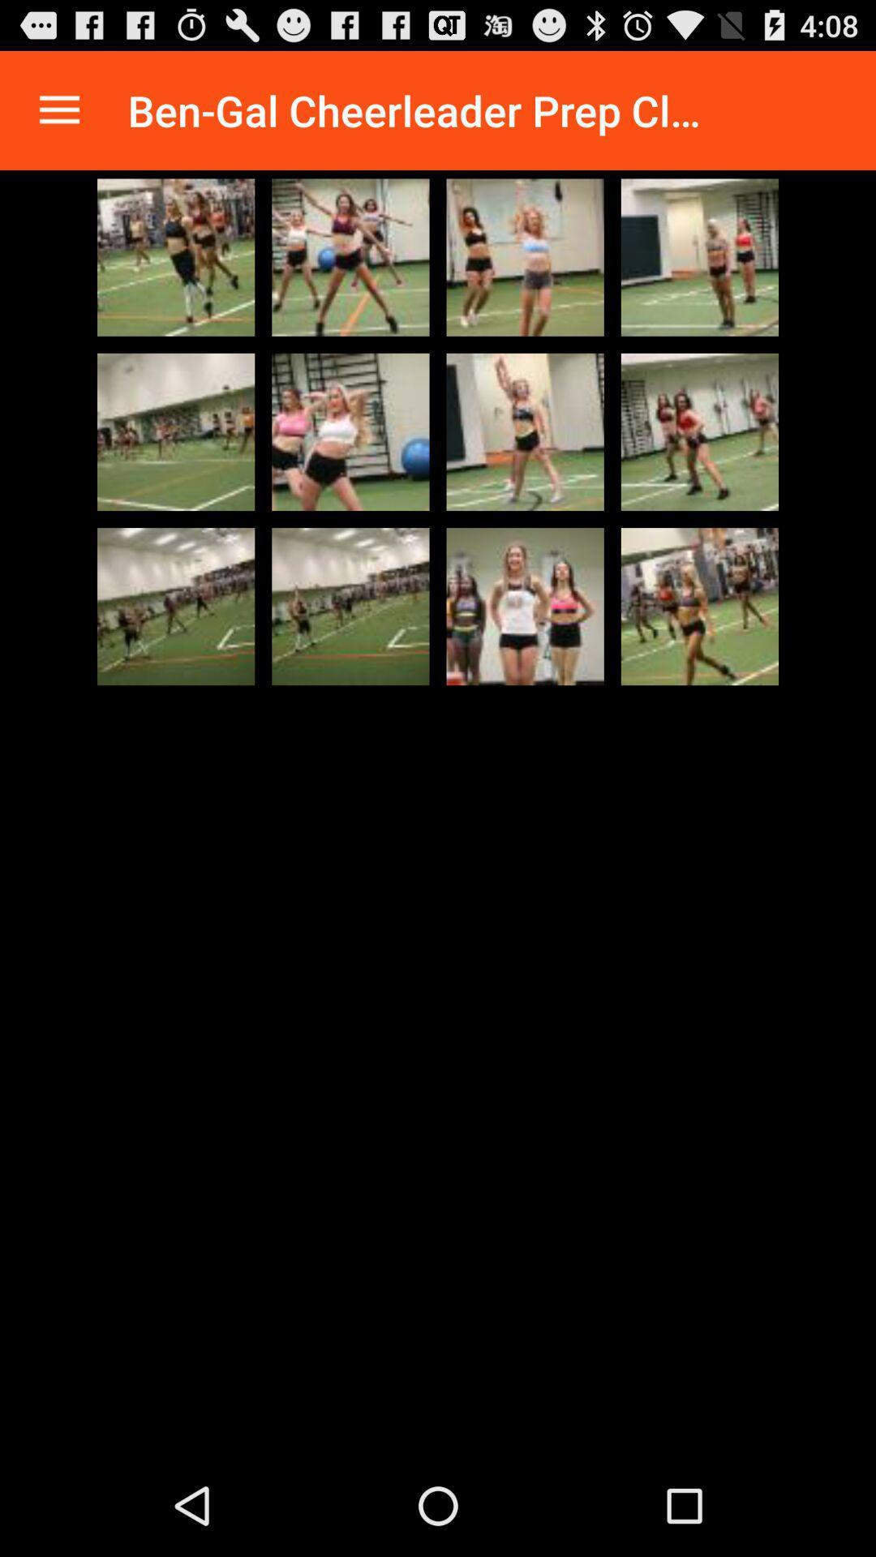 The height and width of the screenshot is (1557, 876). What do you see at coordinates (525, 431) in the screenshot?
I see `selected photo` at bounding box center [525, 431].